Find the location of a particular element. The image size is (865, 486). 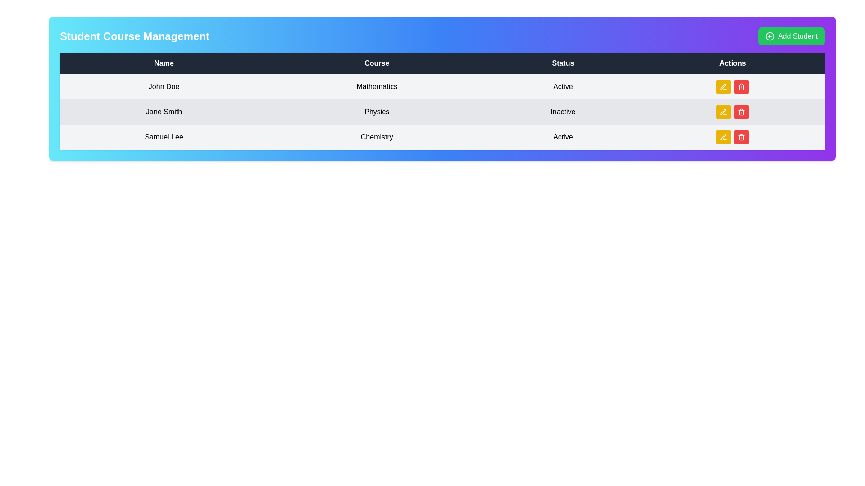

the text element representing the name of an individual, which is the third entry in the 'Name' column of the table, located under the 'Name' header is located at coordinates (164, 137).